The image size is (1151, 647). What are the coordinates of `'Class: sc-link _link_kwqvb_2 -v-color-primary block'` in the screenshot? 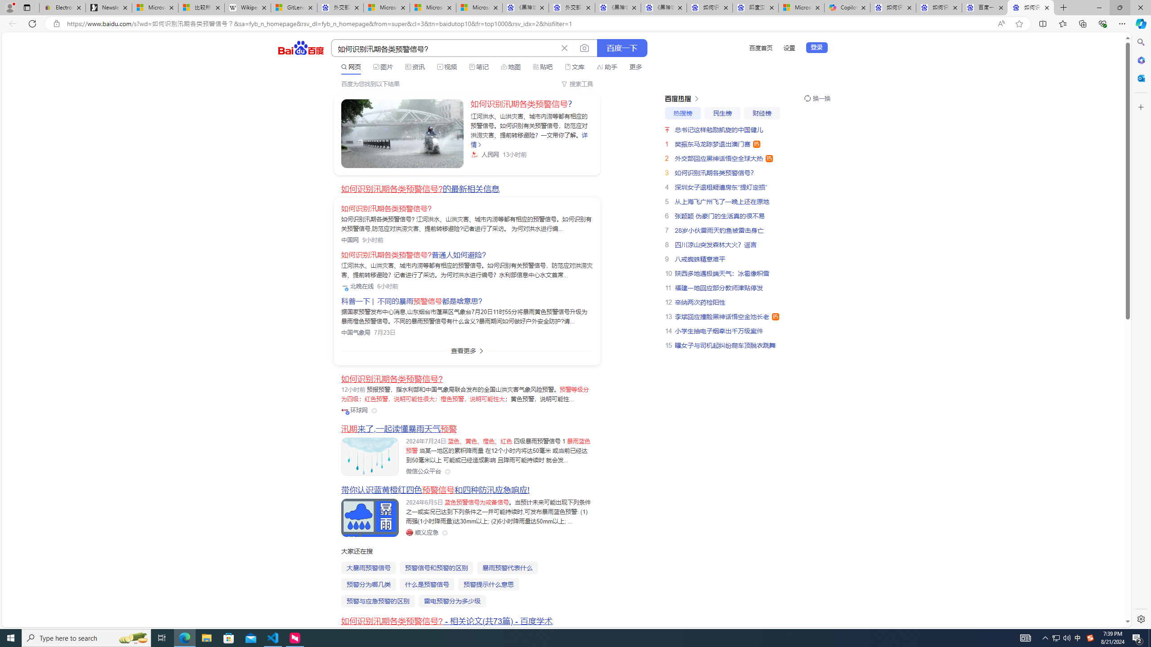 It's located at (402, 133).